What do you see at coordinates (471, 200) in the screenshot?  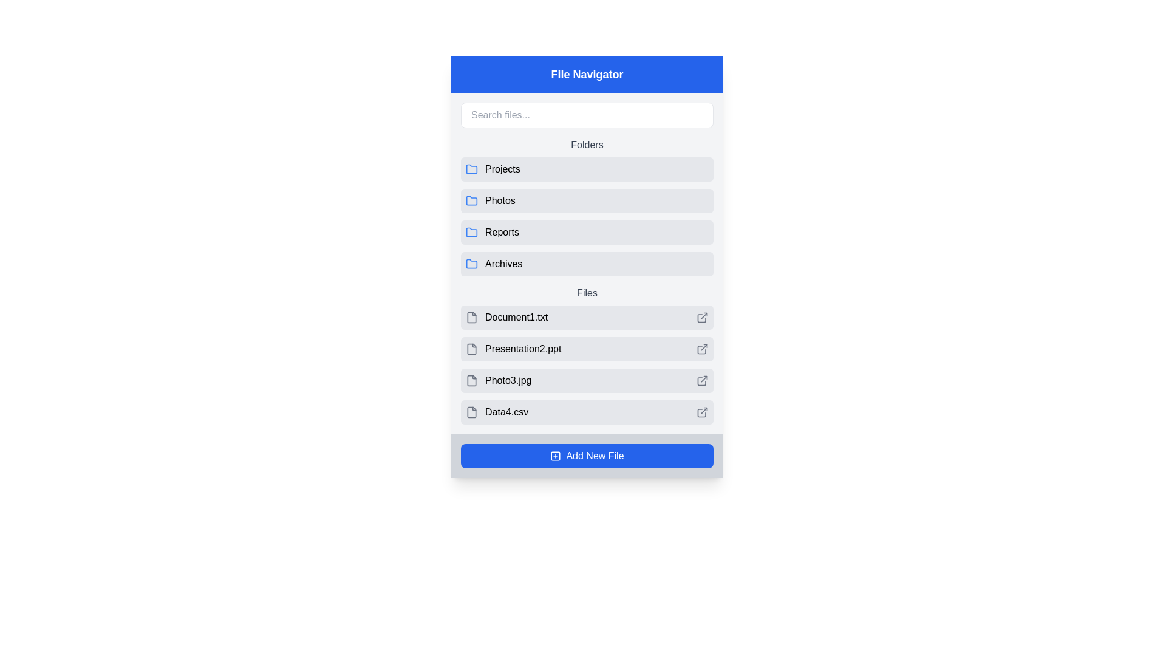 I see `the folder icon representing 'Photos', which is the second folder icon in the 'Folders' section of the interface` at bounding box center [471, 200].